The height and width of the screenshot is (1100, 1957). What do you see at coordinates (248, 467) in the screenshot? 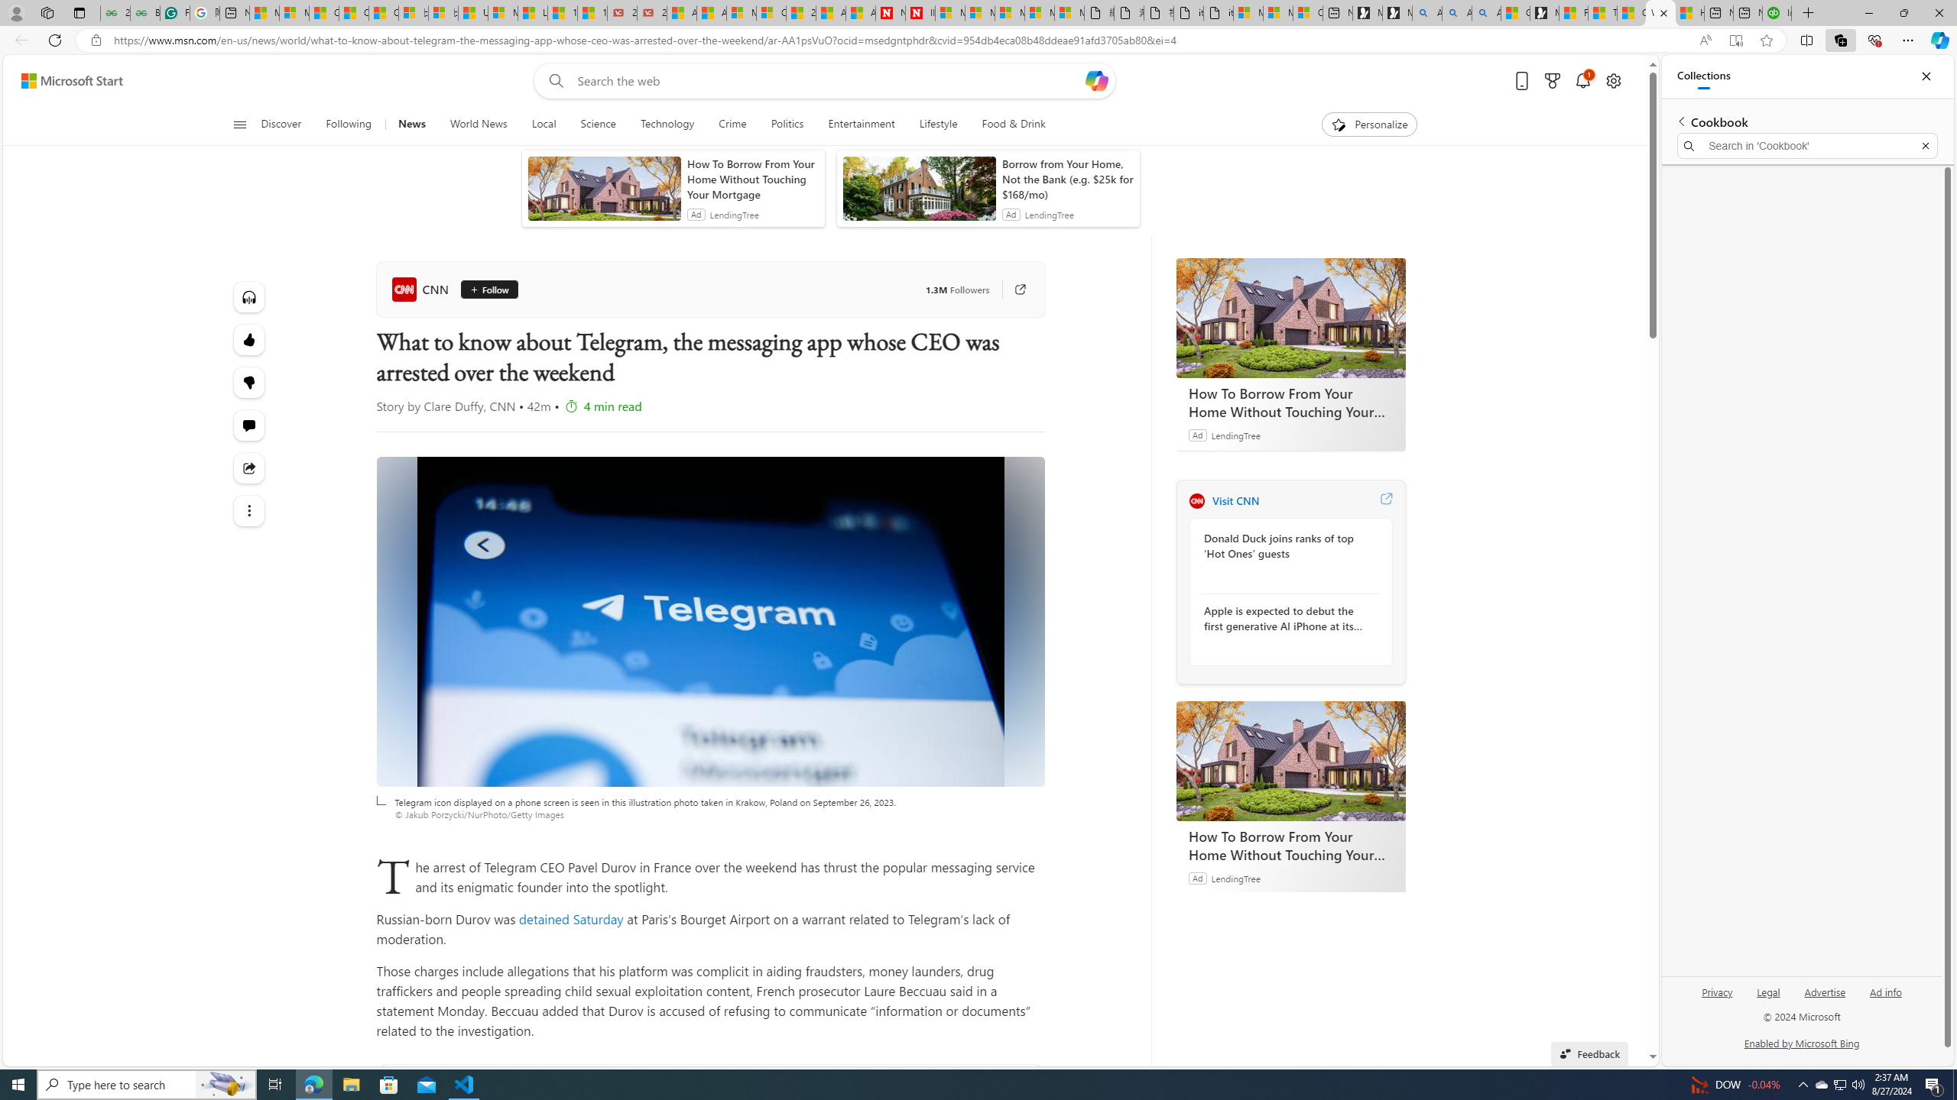
I see `'Share this story'` at bounding box center [248, 467].